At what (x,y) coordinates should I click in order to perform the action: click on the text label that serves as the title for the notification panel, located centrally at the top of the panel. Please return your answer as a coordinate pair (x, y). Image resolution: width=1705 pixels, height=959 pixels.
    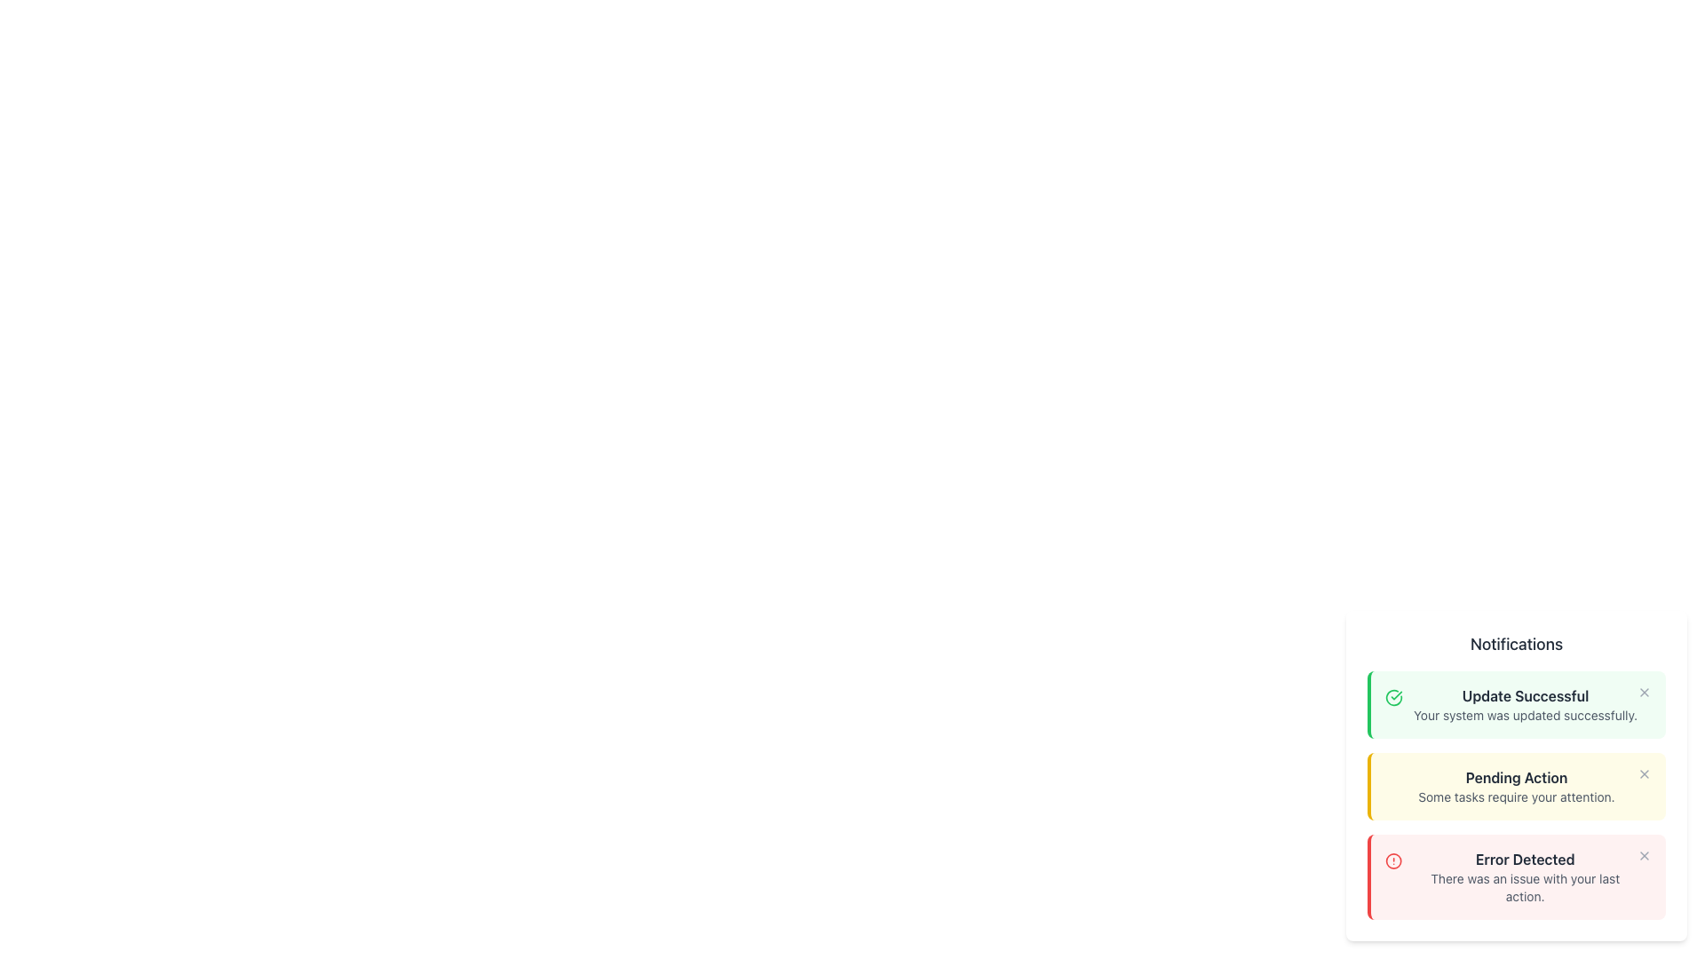
    Looking at the image, I should click on (1516, 644).